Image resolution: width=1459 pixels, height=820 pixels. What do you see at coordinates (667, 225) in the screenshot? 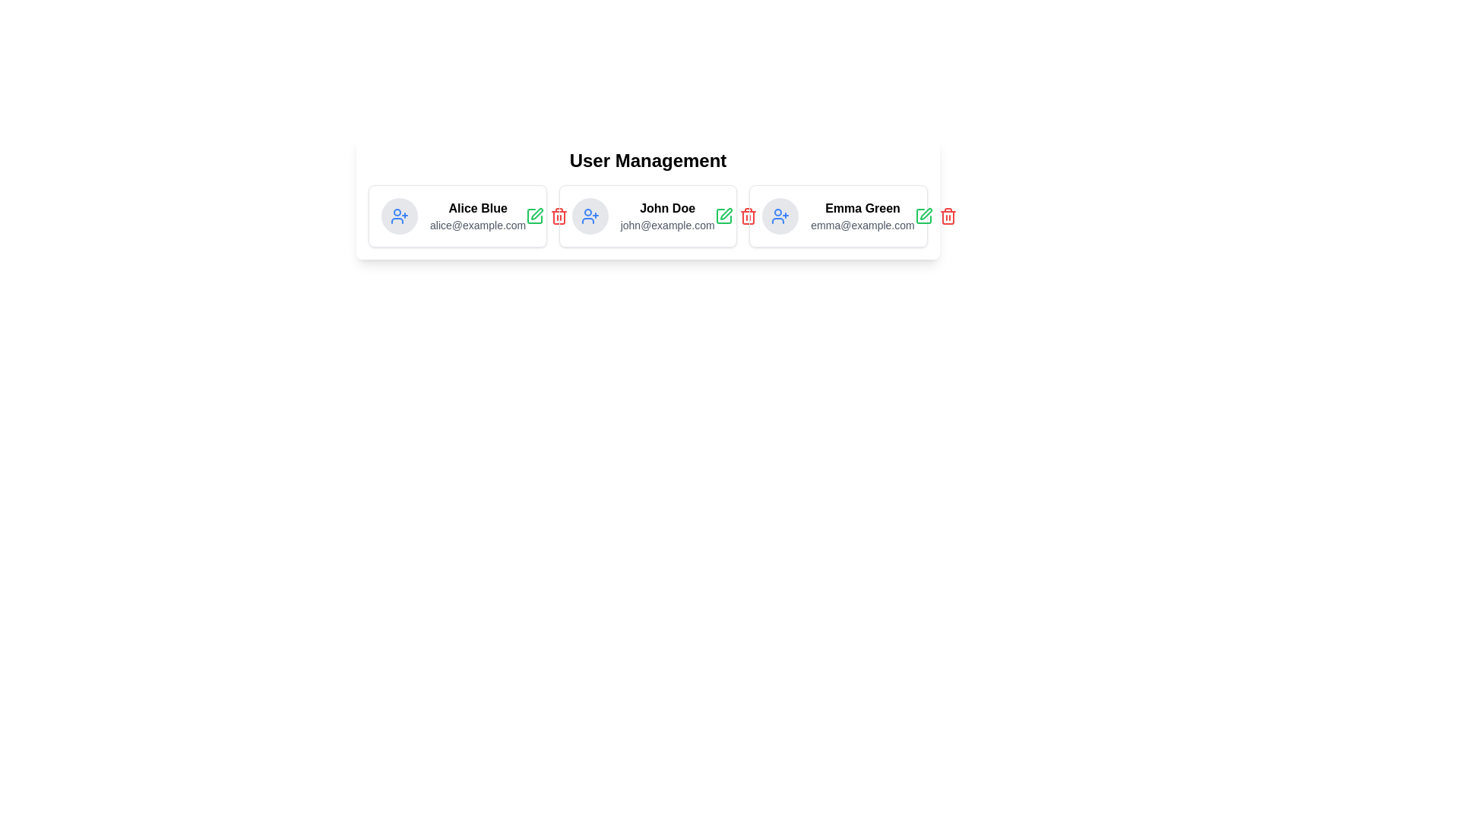
I see `displayed email address from the text label located beneath the 'John Doe' text in the user management section` at bounding box center [667, 225].